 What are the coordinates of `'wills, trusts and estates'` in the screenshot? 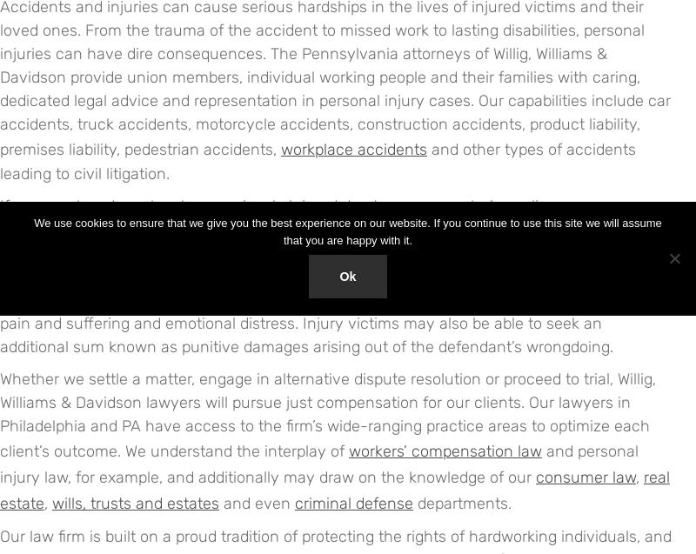 It's located at (51, 503).